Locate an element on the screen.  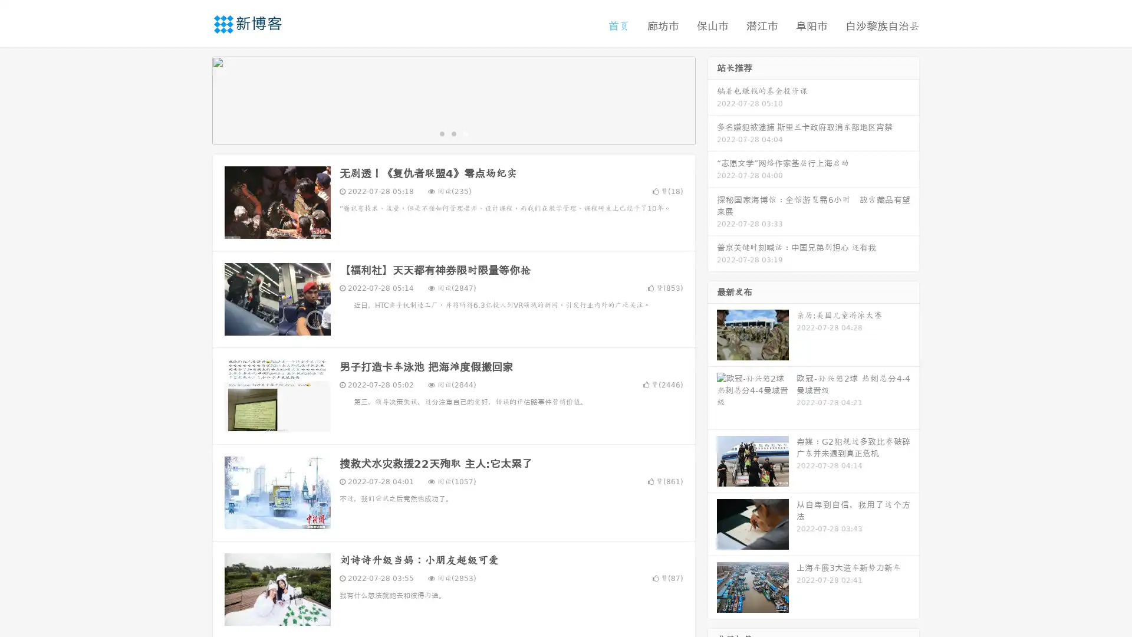
Go to slide 2 is located at coordinates (453, 133).